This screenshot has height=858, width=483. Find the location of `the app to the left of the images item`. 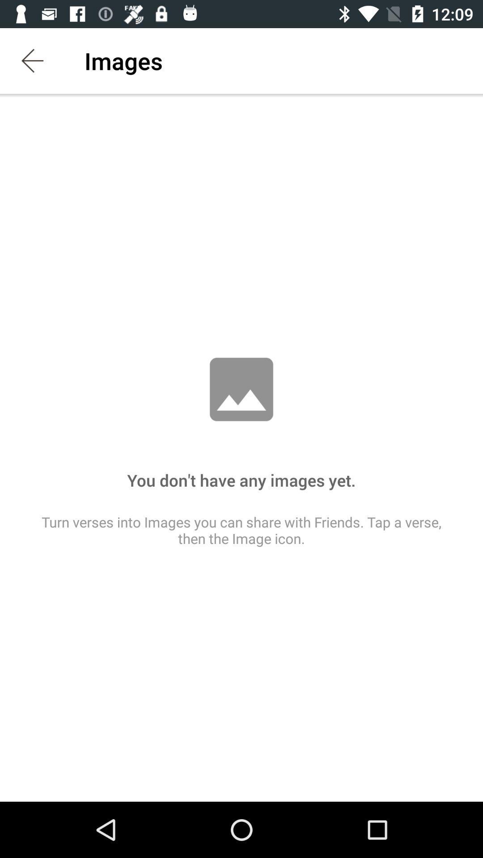

the app to the left of the images item is located at coordinates (32, 60).